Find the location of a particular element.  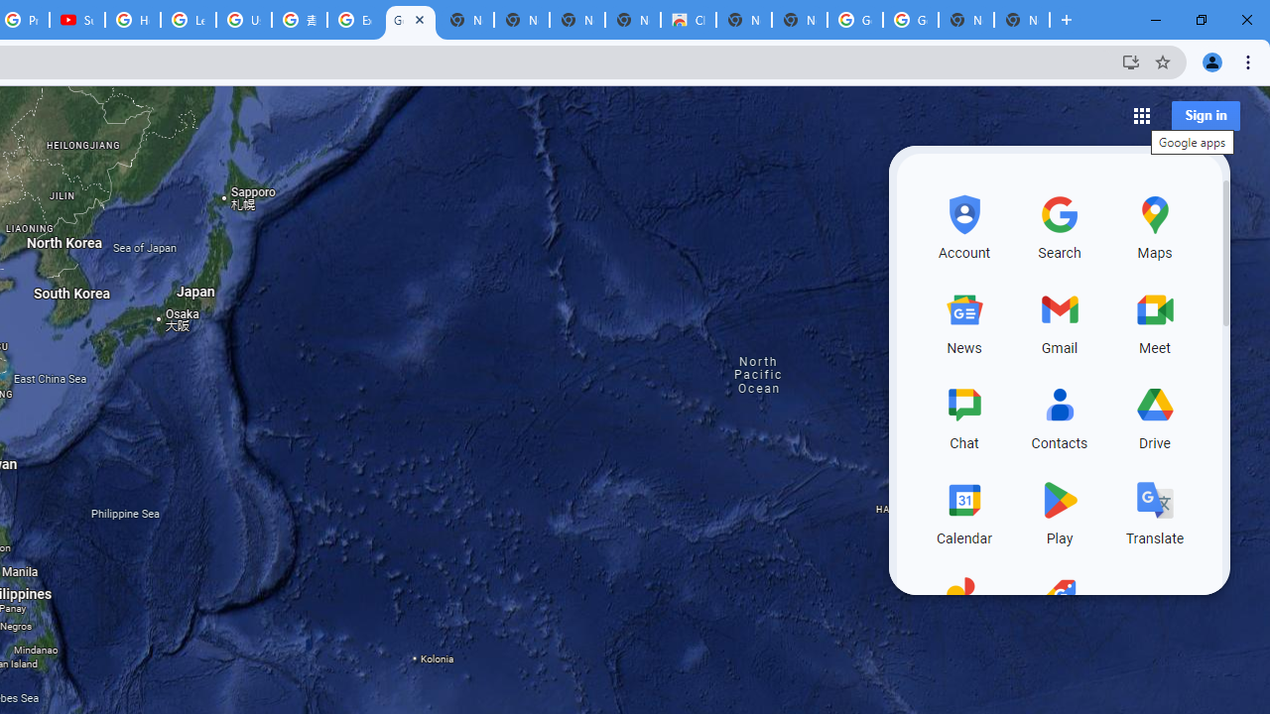

'Install Google Maps' is located at coordinates (1130, 60).